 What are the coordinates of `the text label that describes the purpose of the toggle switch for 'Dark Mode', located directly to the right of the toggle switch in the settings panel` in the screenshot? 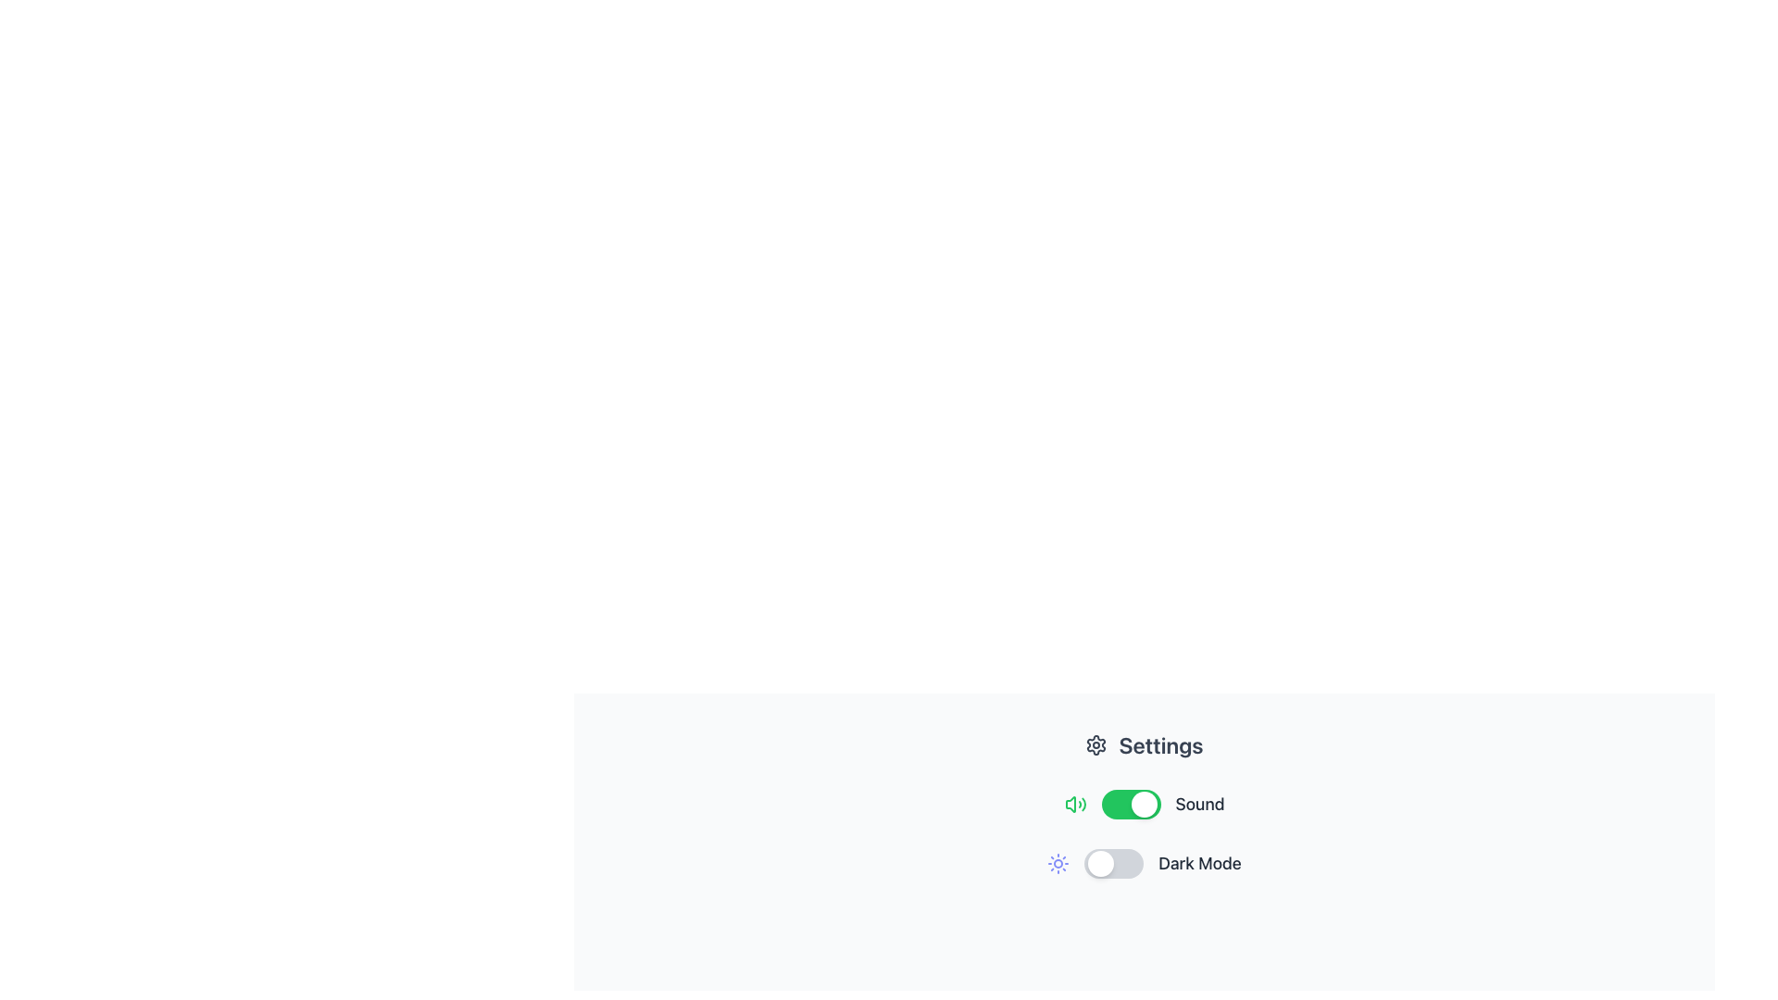 It's located at (1200, 864).